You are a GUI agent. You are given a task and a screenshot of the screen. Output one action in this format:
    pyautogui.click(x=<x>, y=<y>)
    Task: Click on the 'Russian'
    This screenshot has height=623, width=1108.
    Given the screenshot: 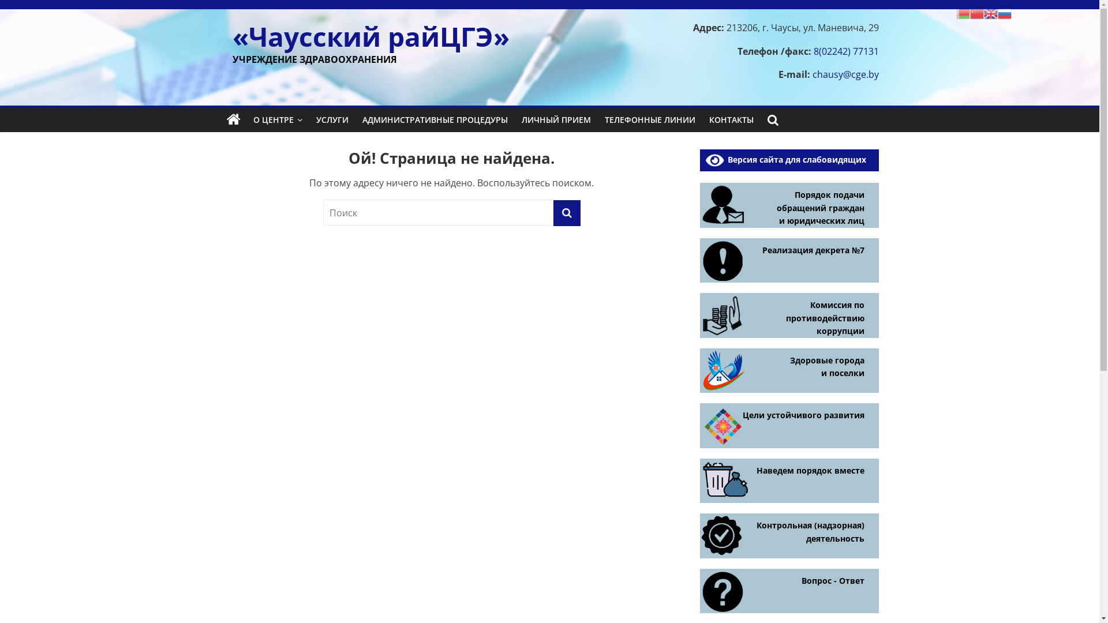 What is the action you would take?
    pyautogui.click(x=1004, y=13)
    